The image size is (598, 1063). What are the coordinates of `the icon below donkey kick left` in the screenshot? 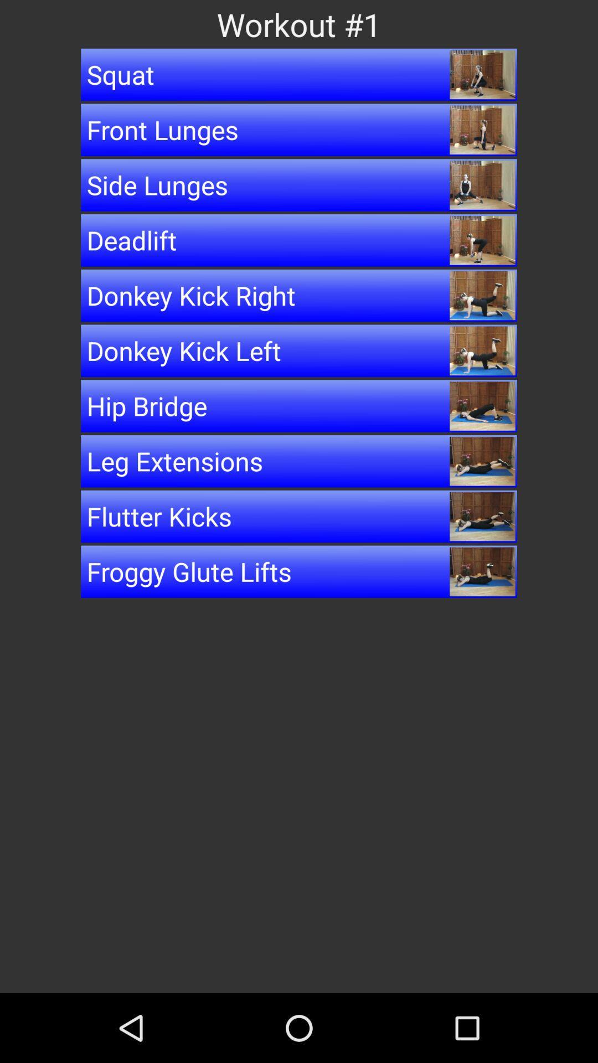 It's located at (299, 405).